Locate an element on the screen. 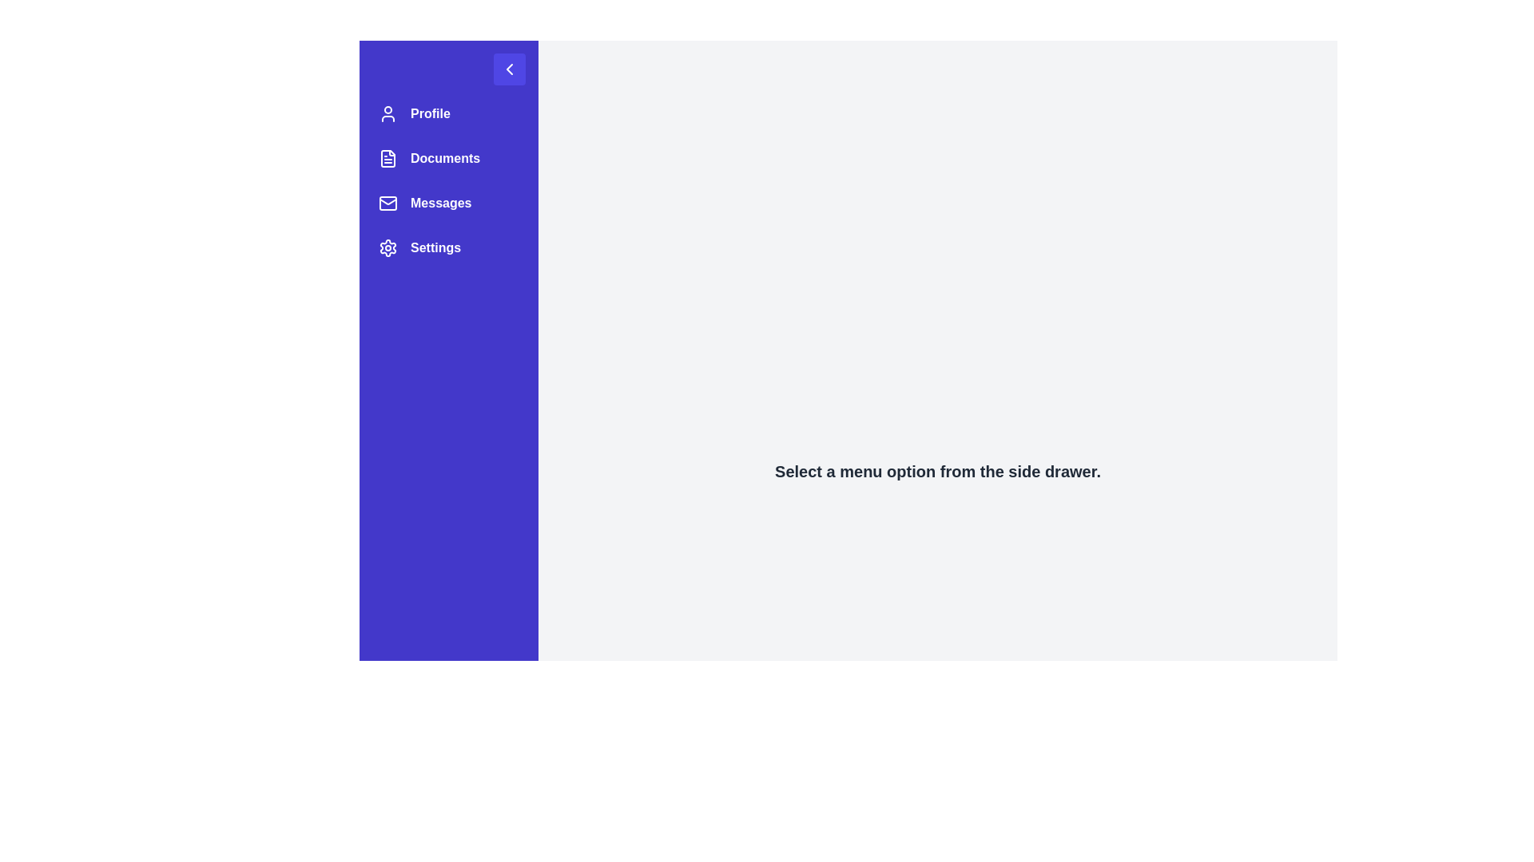 This screenshot has width=1534, height=862. the cog-shaped icon with a blue fill that represents settings functionality, located adjacent to the 'Settings' label in the vertical menu is located at coordinates (387, 248).